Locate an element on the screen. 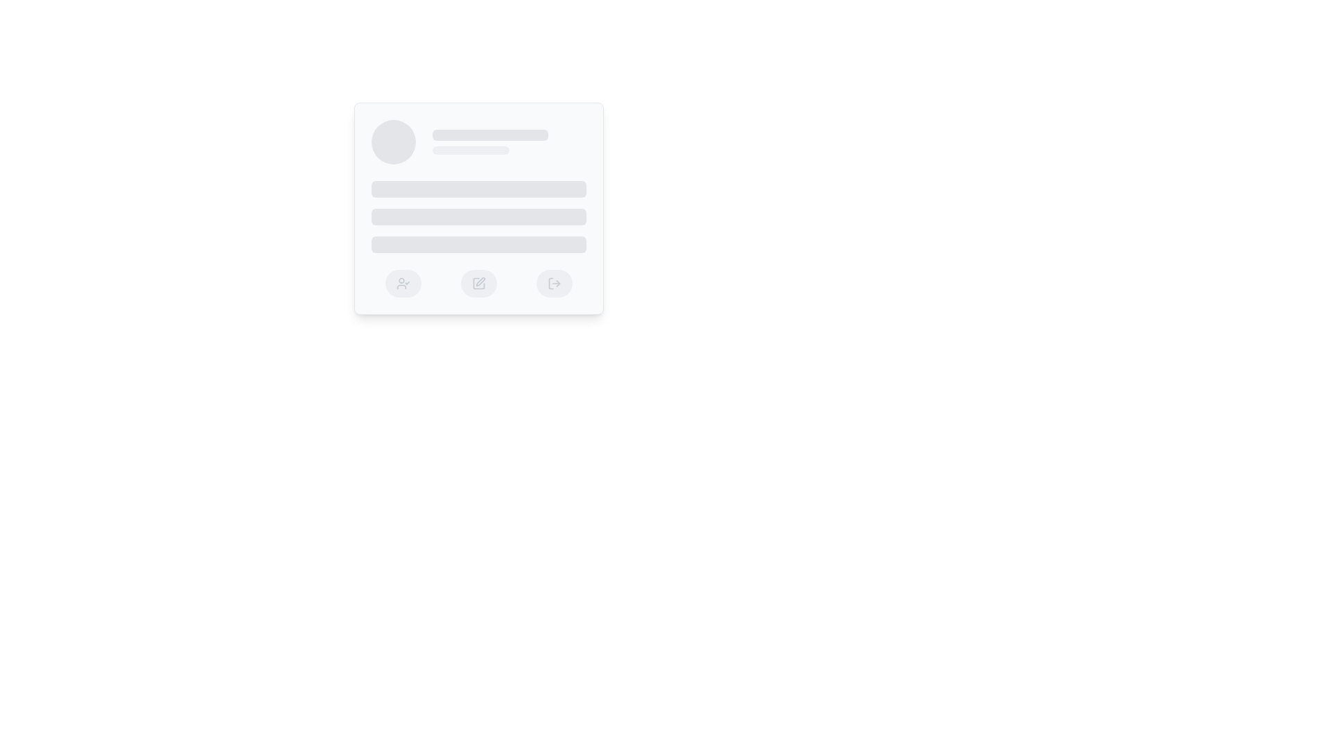  the circular skeleton loader which has a gray background and resembles a loading indicator for profile pictures, located at the upper-left quadrant of the interface is located at coordinates (392, 141).